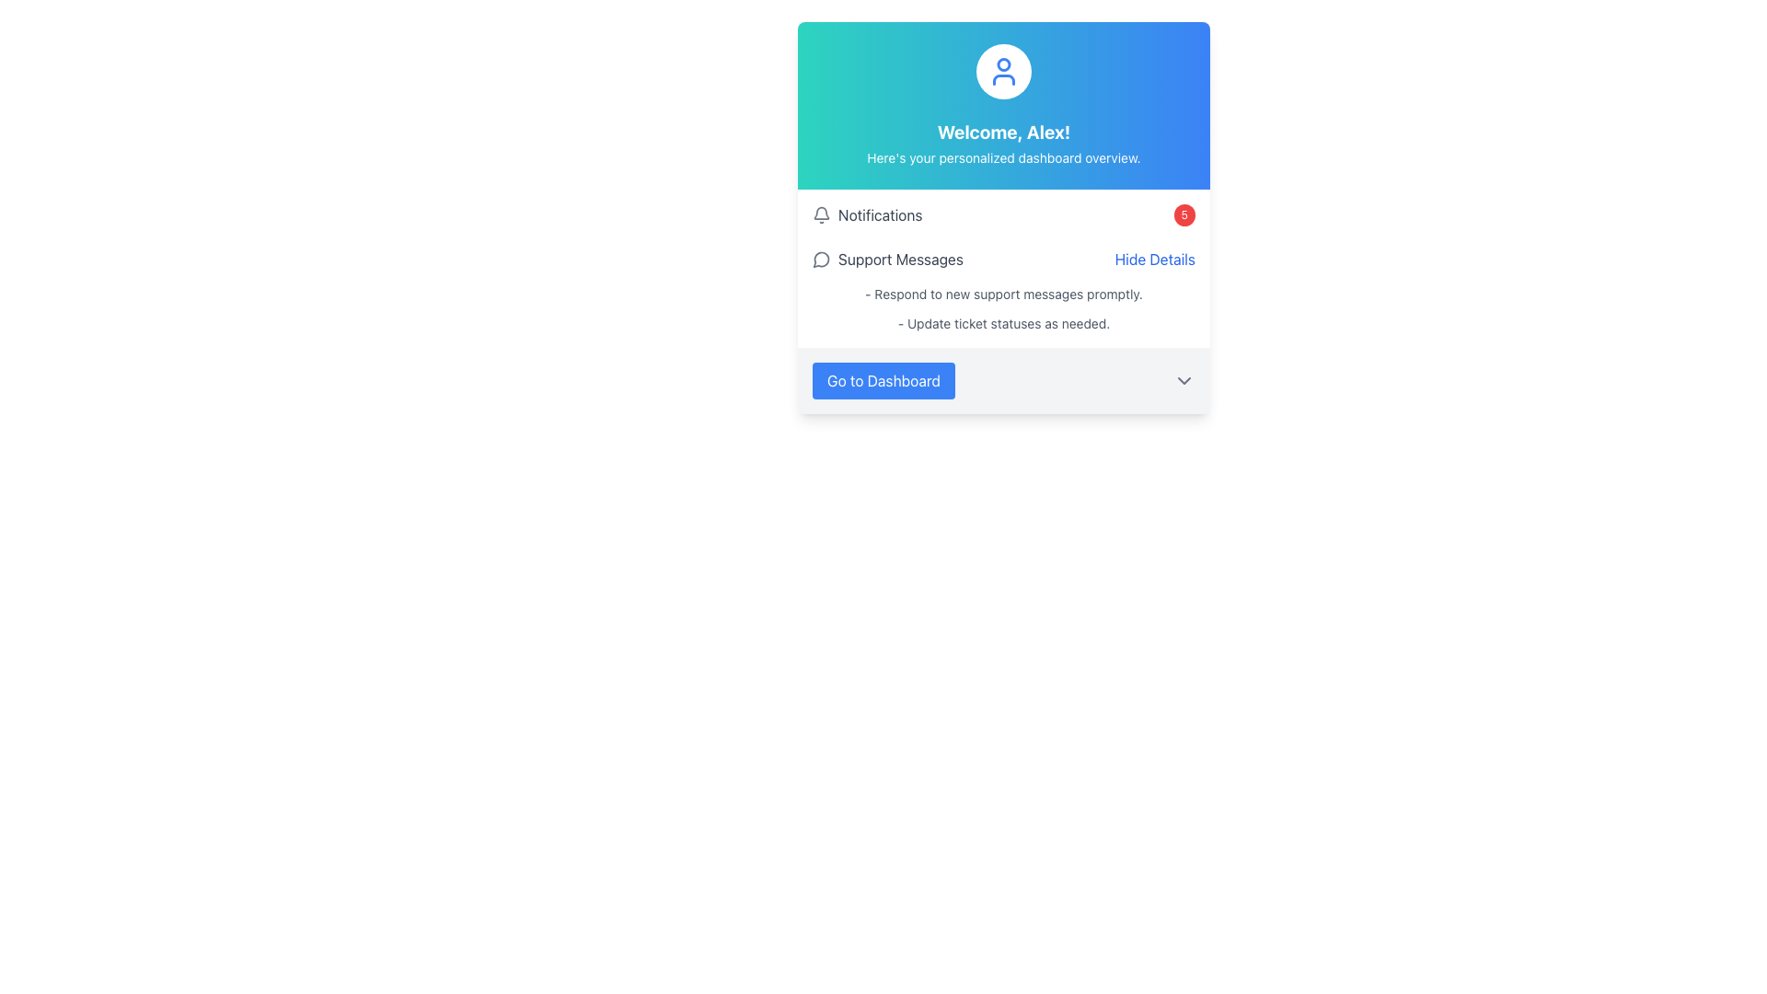  I want to click on the rectangular button with rounded corners that has a blue background and white text reading 'Go to Dashboard', so click(883, 379).